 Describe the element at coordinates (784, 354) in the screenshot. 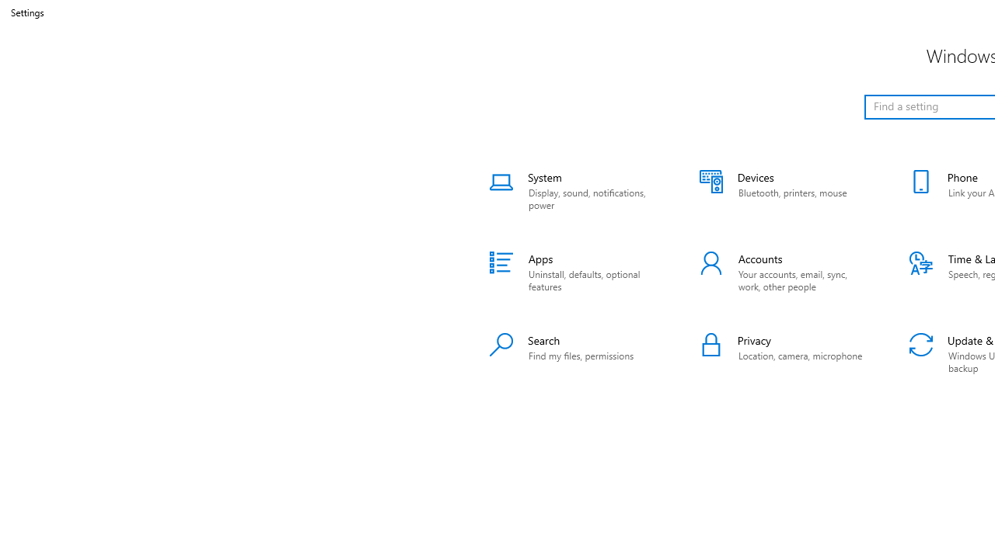

I see `'Privacy'` at that location.